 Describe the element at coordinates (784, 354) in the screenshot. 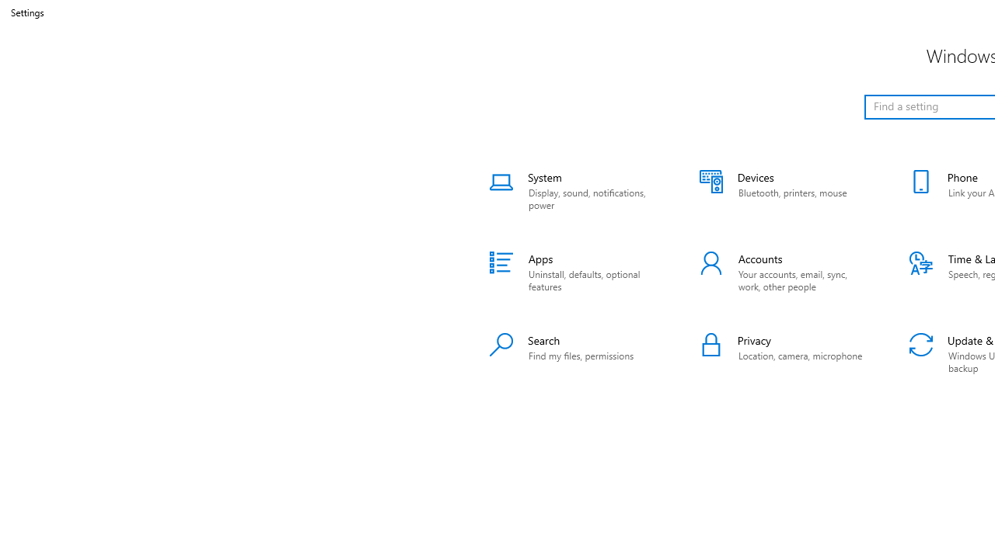

I see `'Privacy'` at that location.